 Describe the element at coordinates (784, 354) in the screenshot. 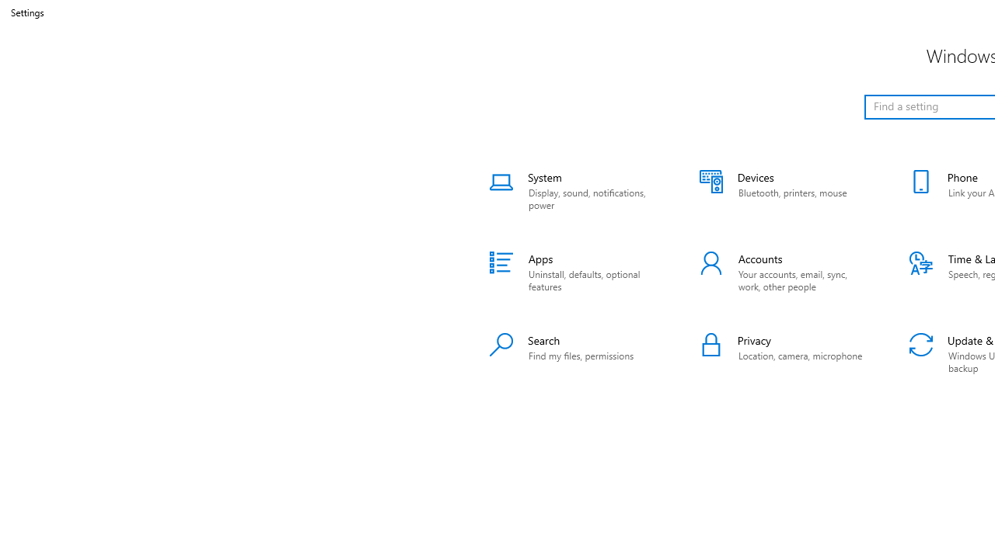

I see `'Privacy'` at that location.